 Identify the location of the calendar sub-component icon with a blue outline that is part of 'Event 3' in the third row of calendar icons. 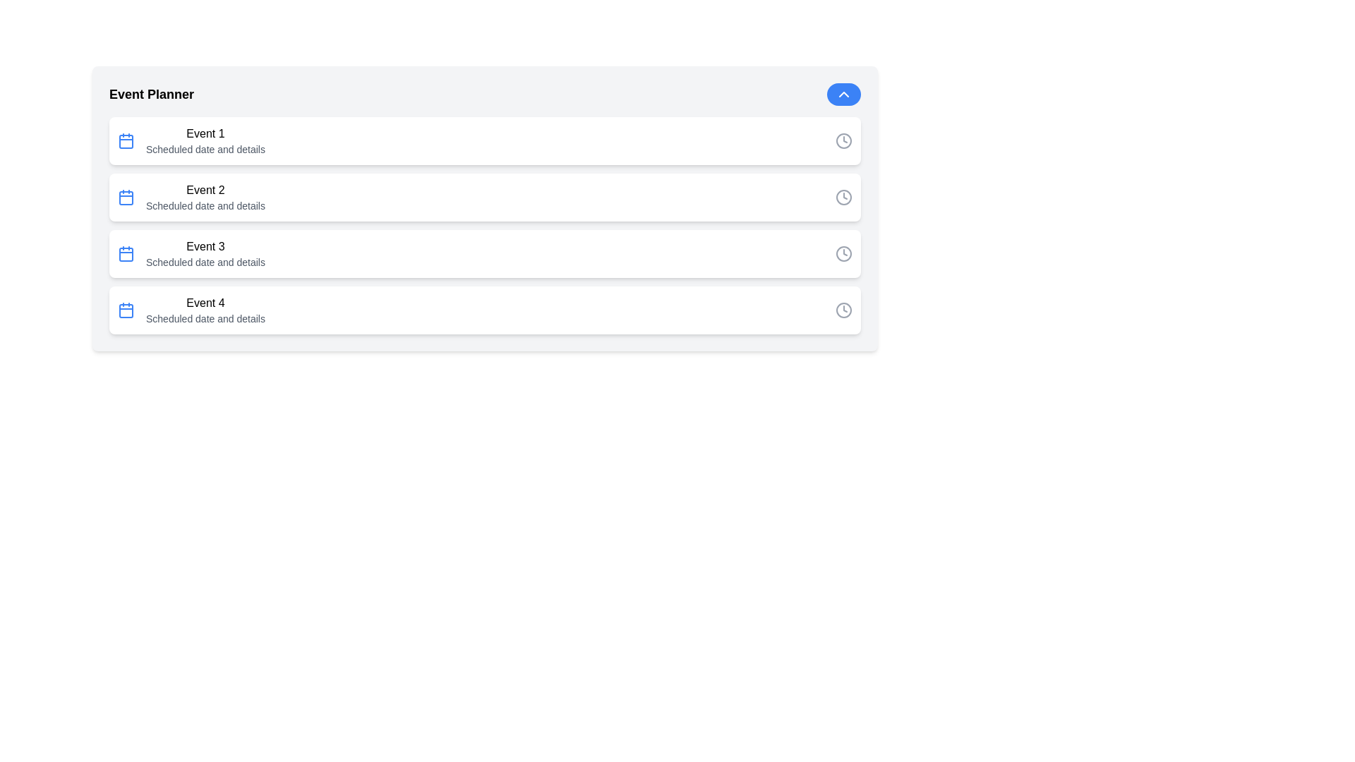
(126, 255).